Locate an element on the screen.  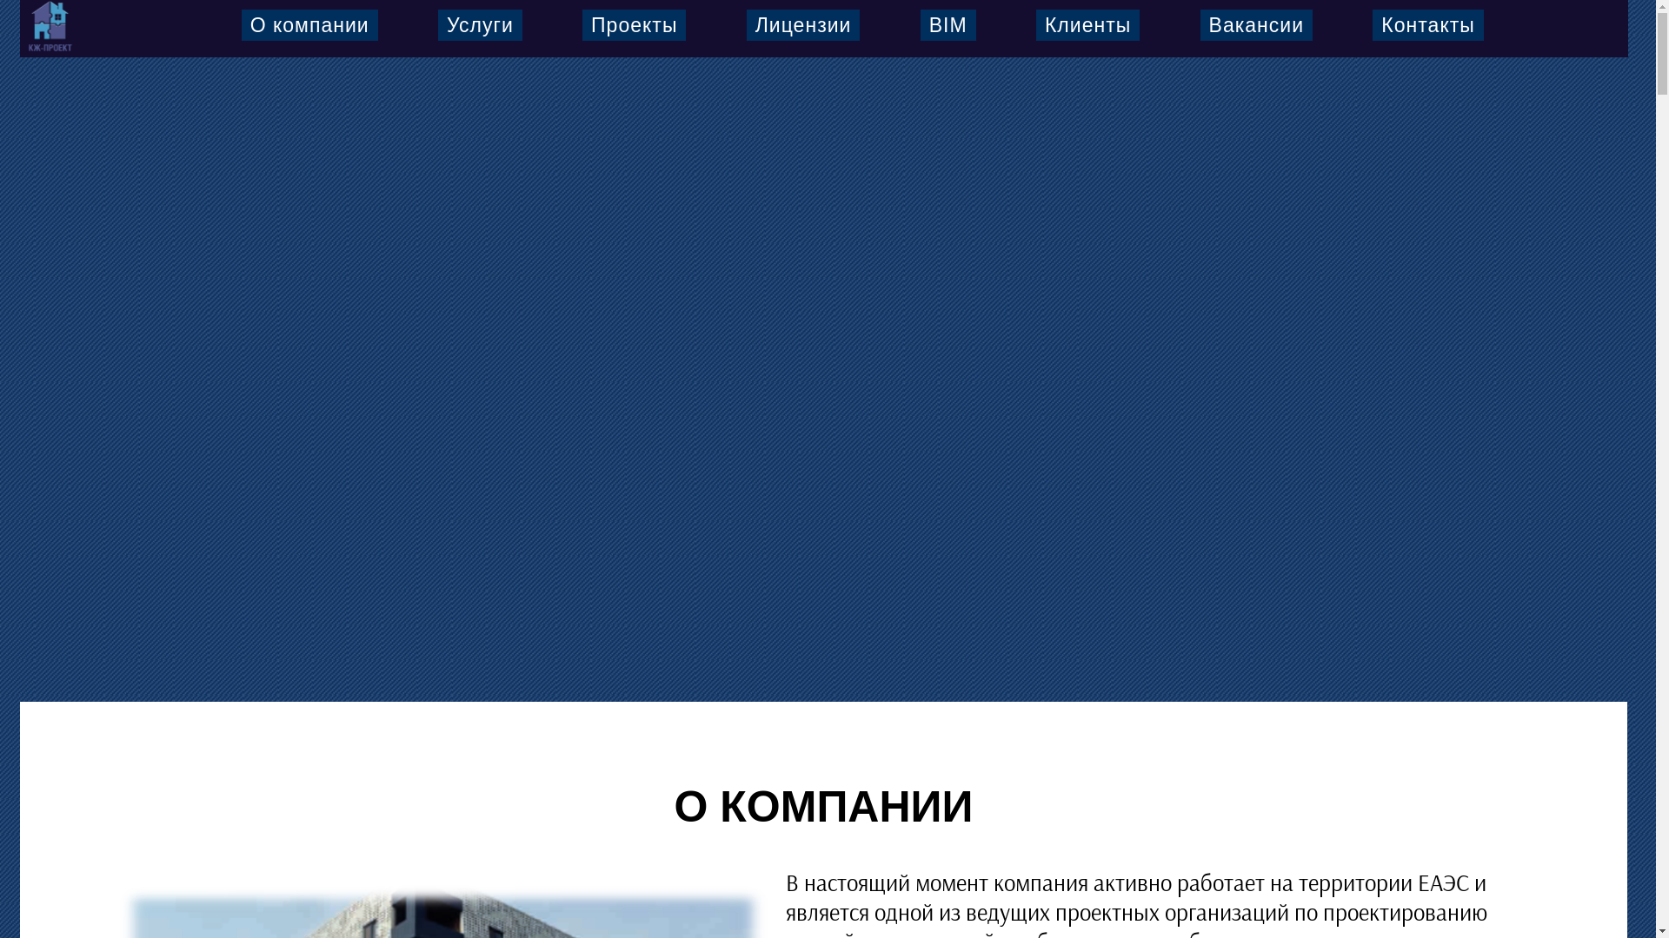
'BIM' is located at coordinates (947, 25).